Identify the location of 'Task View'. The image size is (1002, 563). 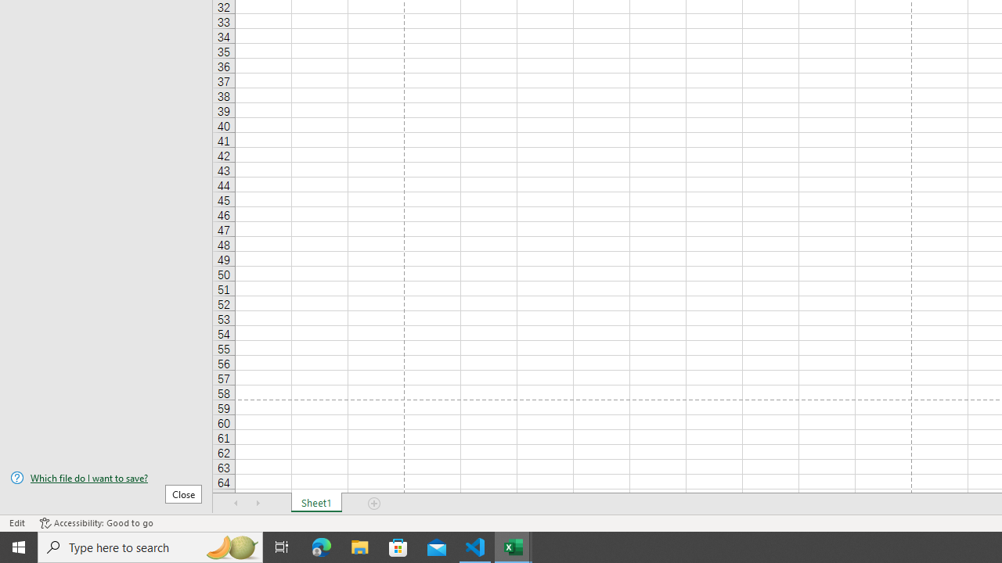
(281, 546).